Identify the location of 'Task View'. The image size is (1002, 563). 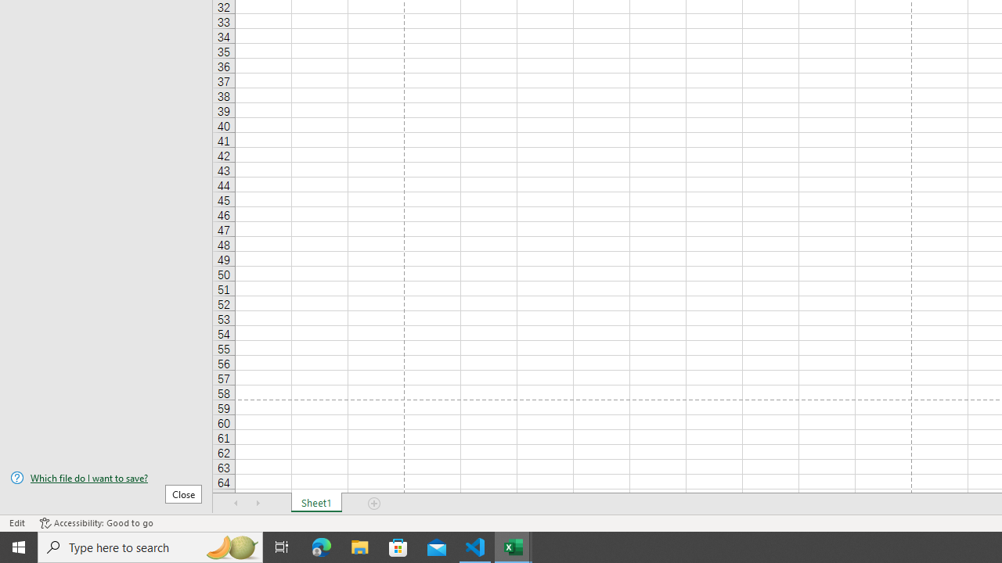
(281, 546).